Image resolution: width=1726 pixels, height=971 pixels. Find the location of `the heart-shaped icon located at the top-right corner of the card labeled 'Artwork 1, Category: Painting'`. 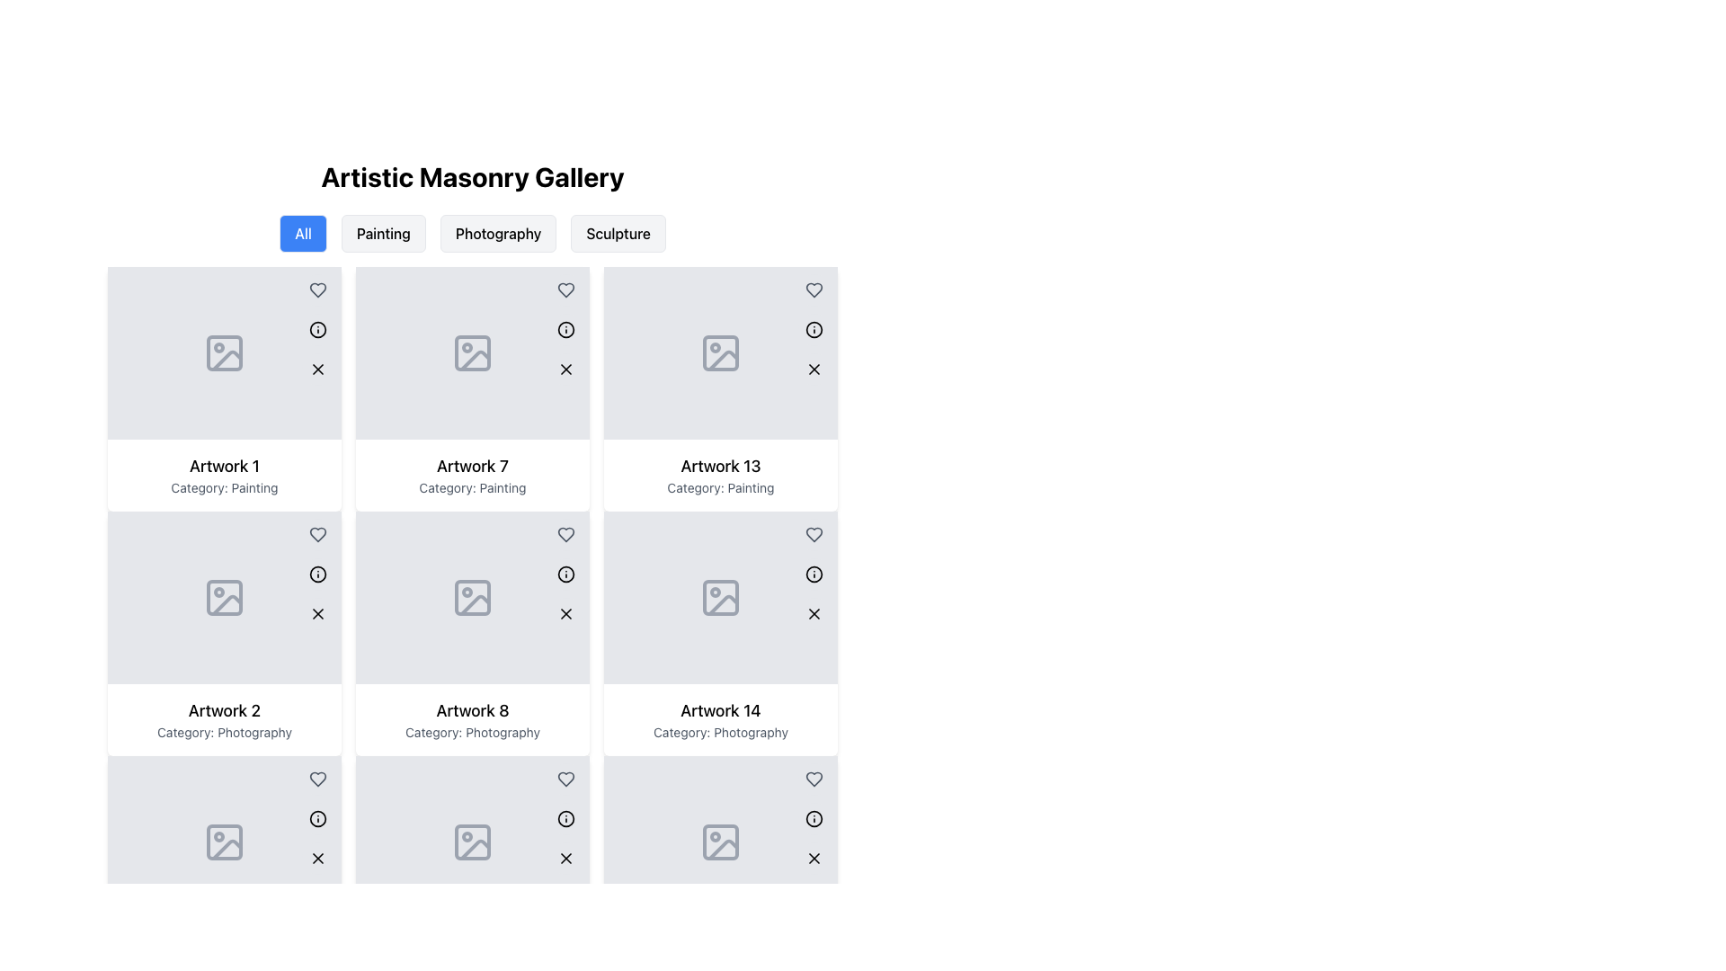

the heart-shaped icon located at the top-right corner of the card labeled 'Artwork 1, Category: Painting' is located at coordinates (318, 533).